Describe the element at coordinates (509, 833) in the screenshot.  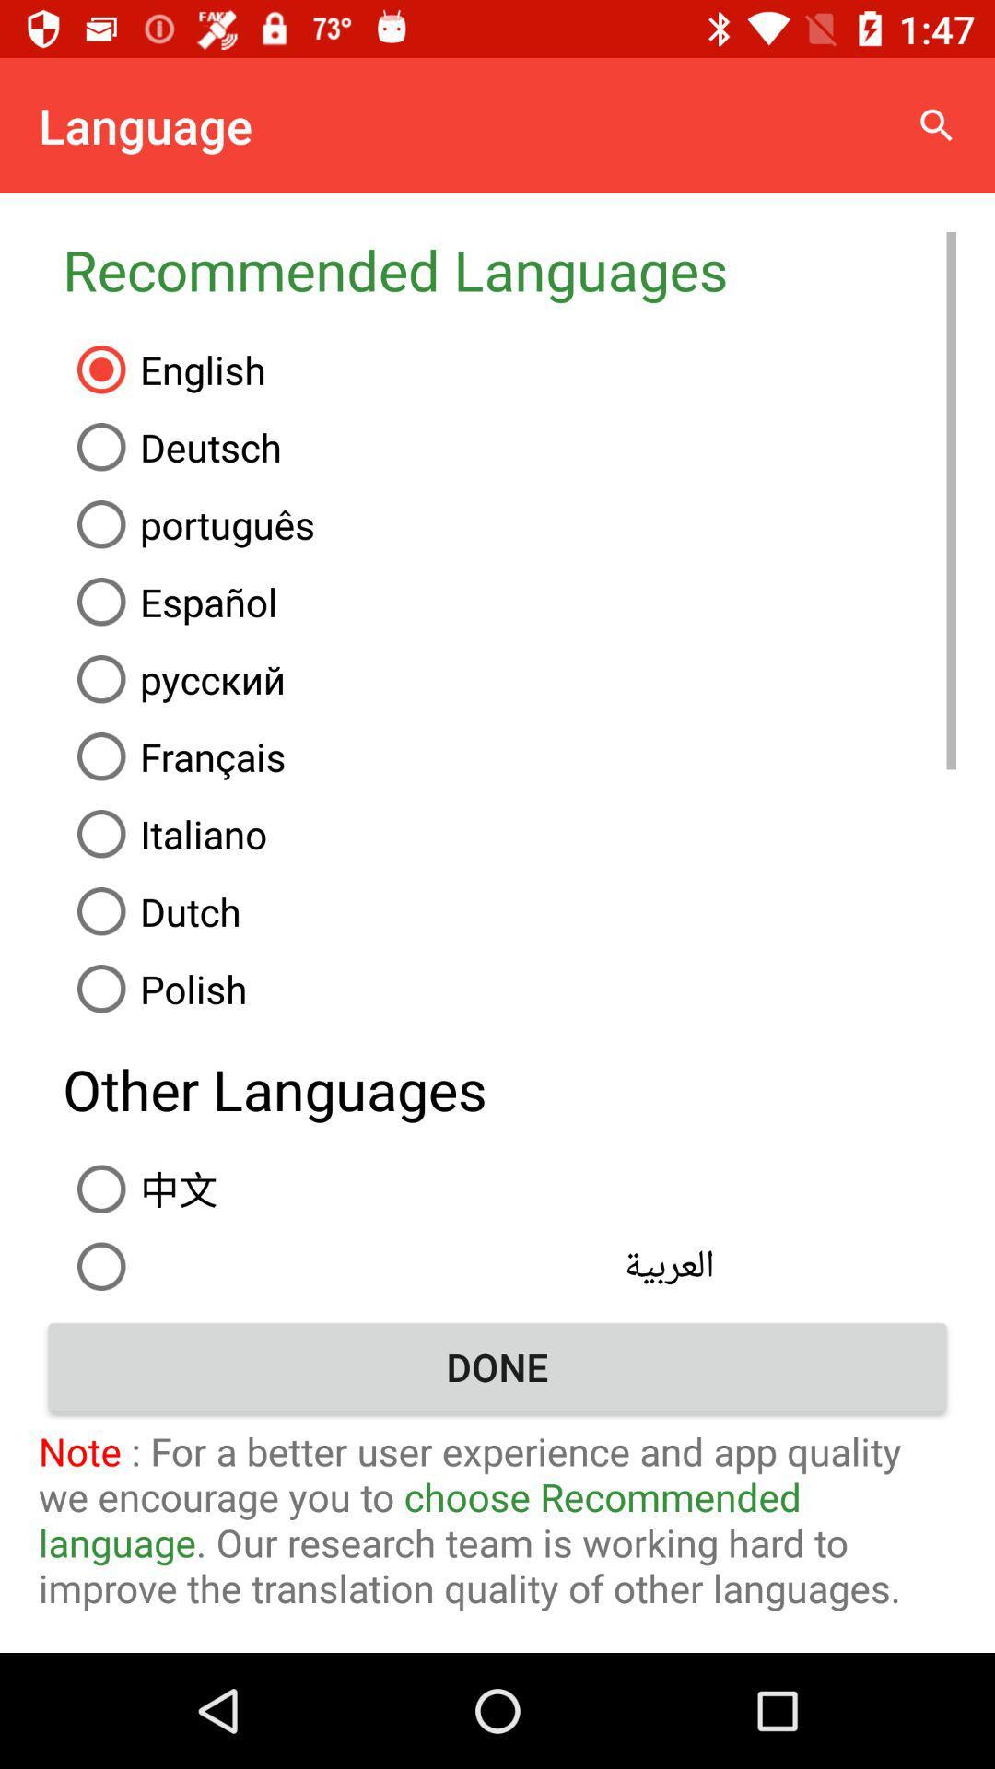
I see `the italiano icon` at that location.